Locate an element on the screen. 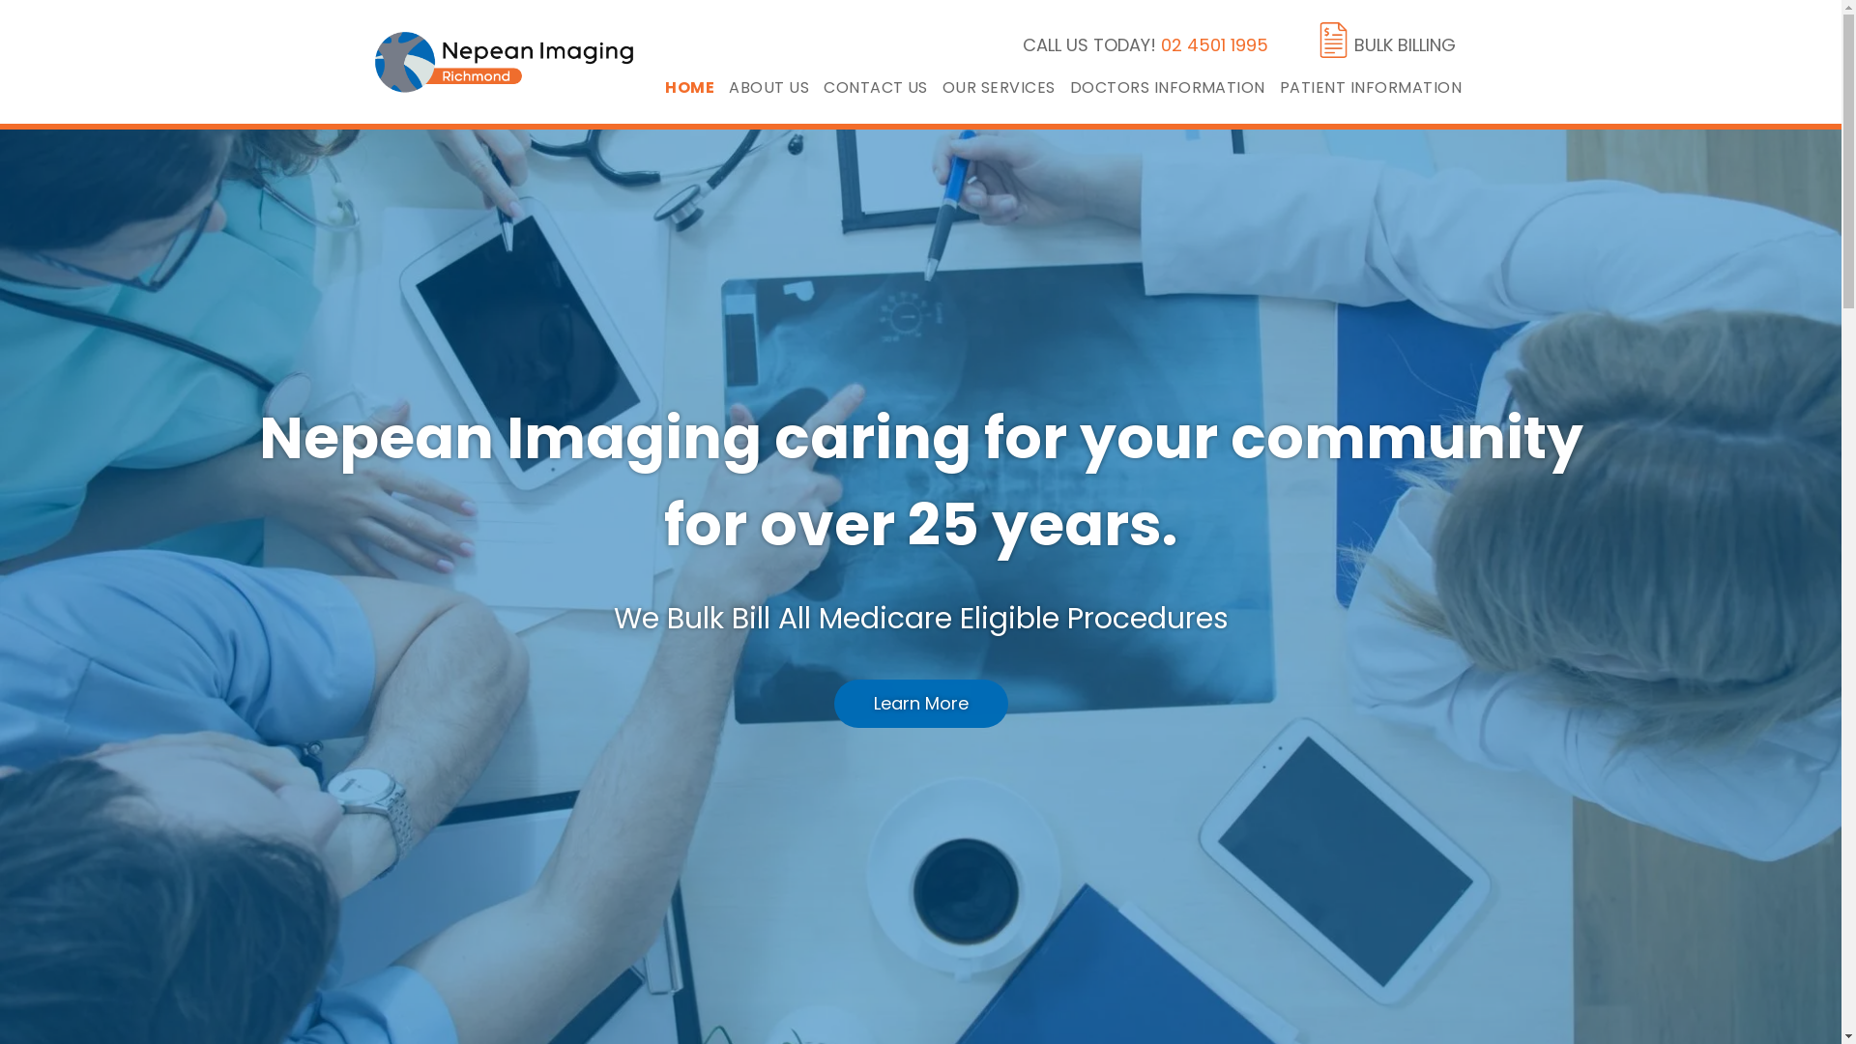  'PATIENT INFORMATION' is located at coordinates (1280, 87).